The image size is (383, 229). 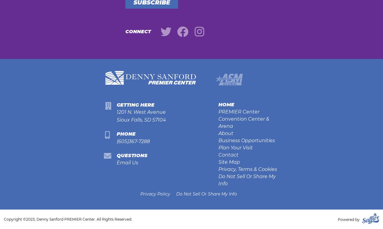 I want to click on 'Convention Center & Arena', so click(x=243, y=122).